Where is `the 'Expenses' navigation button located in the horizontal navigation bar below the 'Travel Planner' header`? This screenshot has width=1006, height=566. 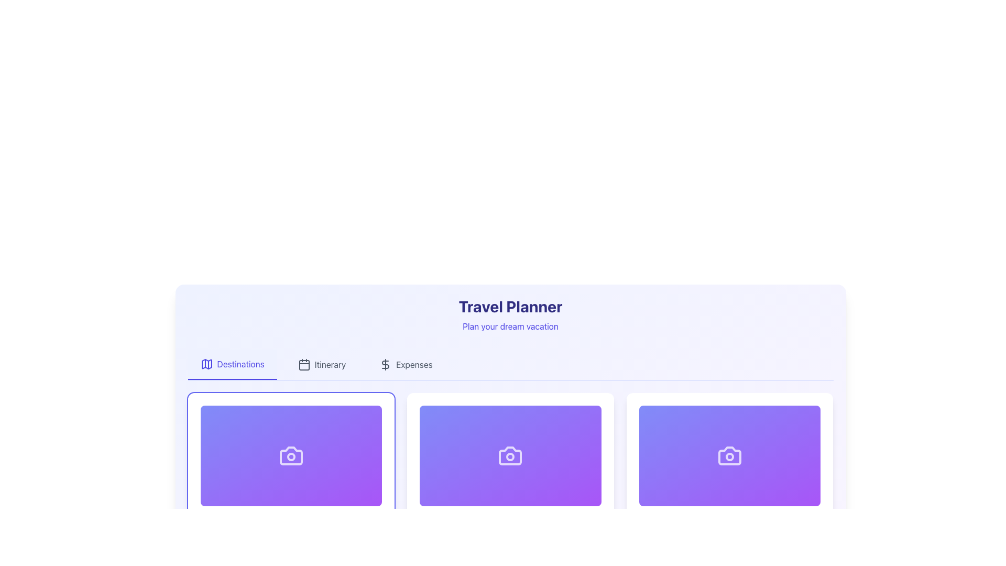
the 'Expenses' navigation button located in the horizontal navigation bar below the 'Travel Planner' header is located at coordinates (414, 364).